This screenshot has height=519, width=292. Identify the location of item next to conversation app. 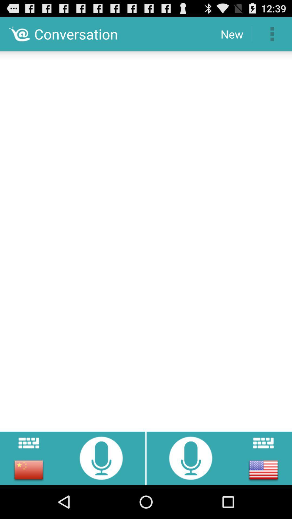
(231, 34).